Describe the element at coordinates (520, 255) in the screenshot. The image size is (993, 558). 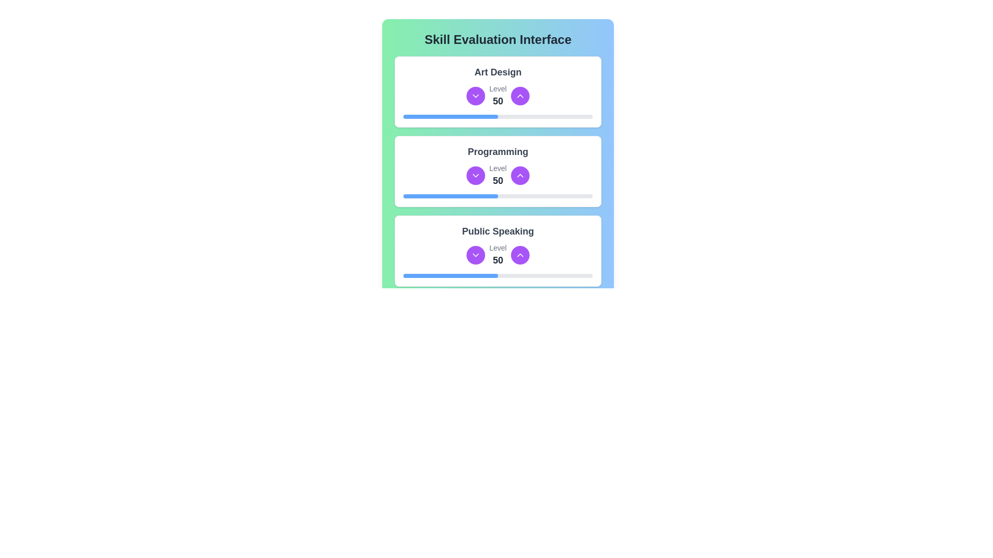
I see `the button that increases the numerical skill level in the 'Public Speaking' skill section, located to the right of the 'Level 50' text` at that location.